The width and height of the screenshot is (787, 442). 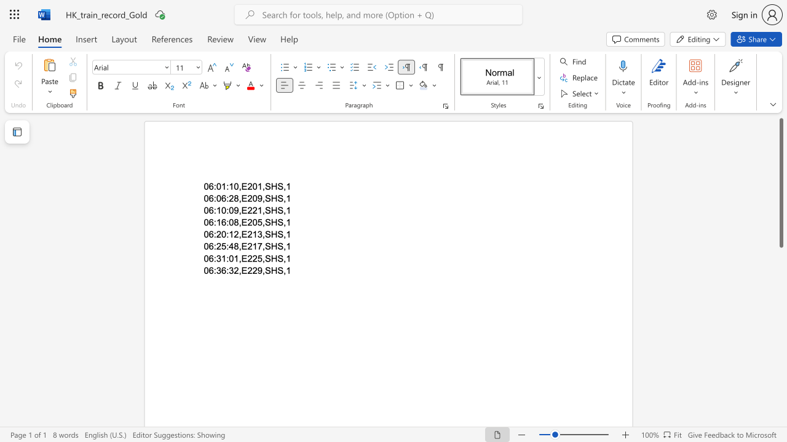 What do you see at coordinates (780, 183) in the screenshot?
I see `the scrollbar and move down 60 pixels` at bounding box center [780, 183].